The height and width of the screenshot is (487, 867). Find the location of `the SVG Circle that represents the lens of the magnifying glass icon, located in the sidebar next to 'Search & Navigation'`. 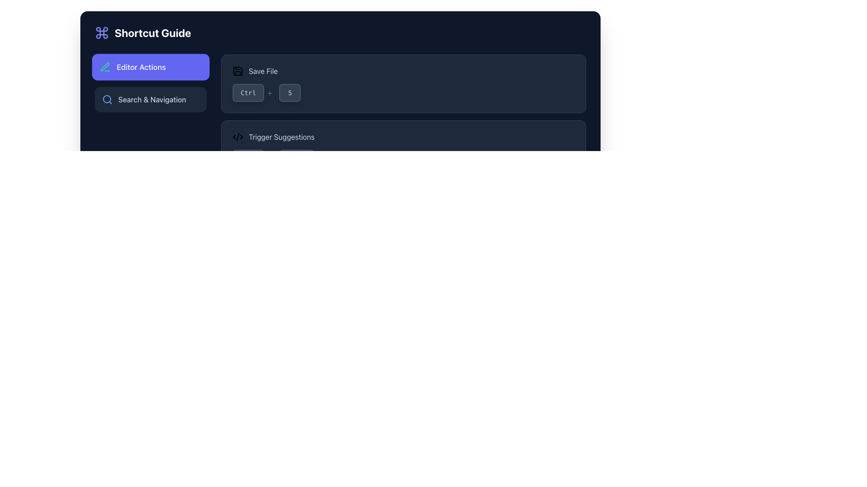

the SVG Circle that represents the lens of the magnifying glass icon, located in the sidebar next to 'Search & Navigation' is located at coordinates (107, 99).